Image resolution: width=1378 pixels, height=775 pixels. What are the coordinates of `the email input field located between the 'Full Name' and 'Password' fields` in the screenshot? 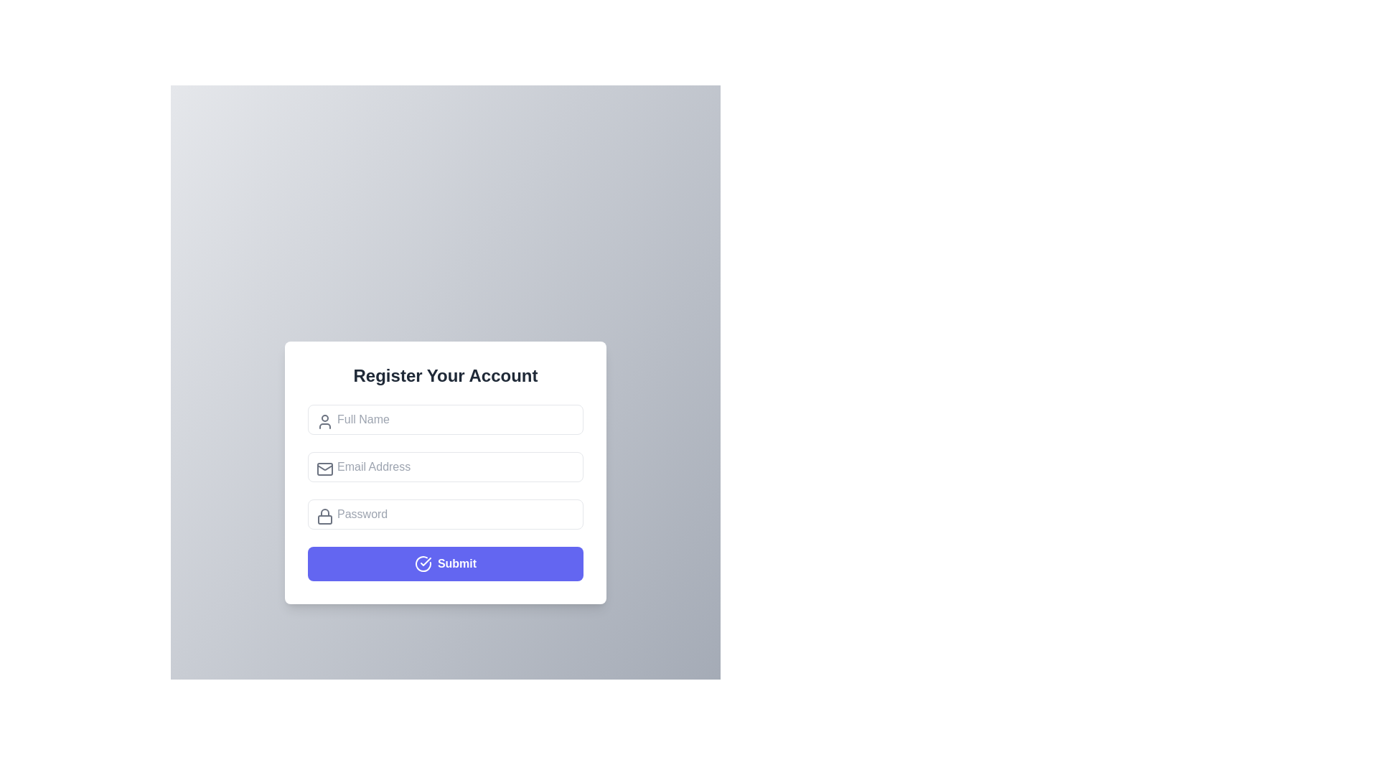 It's located at (444, 472).